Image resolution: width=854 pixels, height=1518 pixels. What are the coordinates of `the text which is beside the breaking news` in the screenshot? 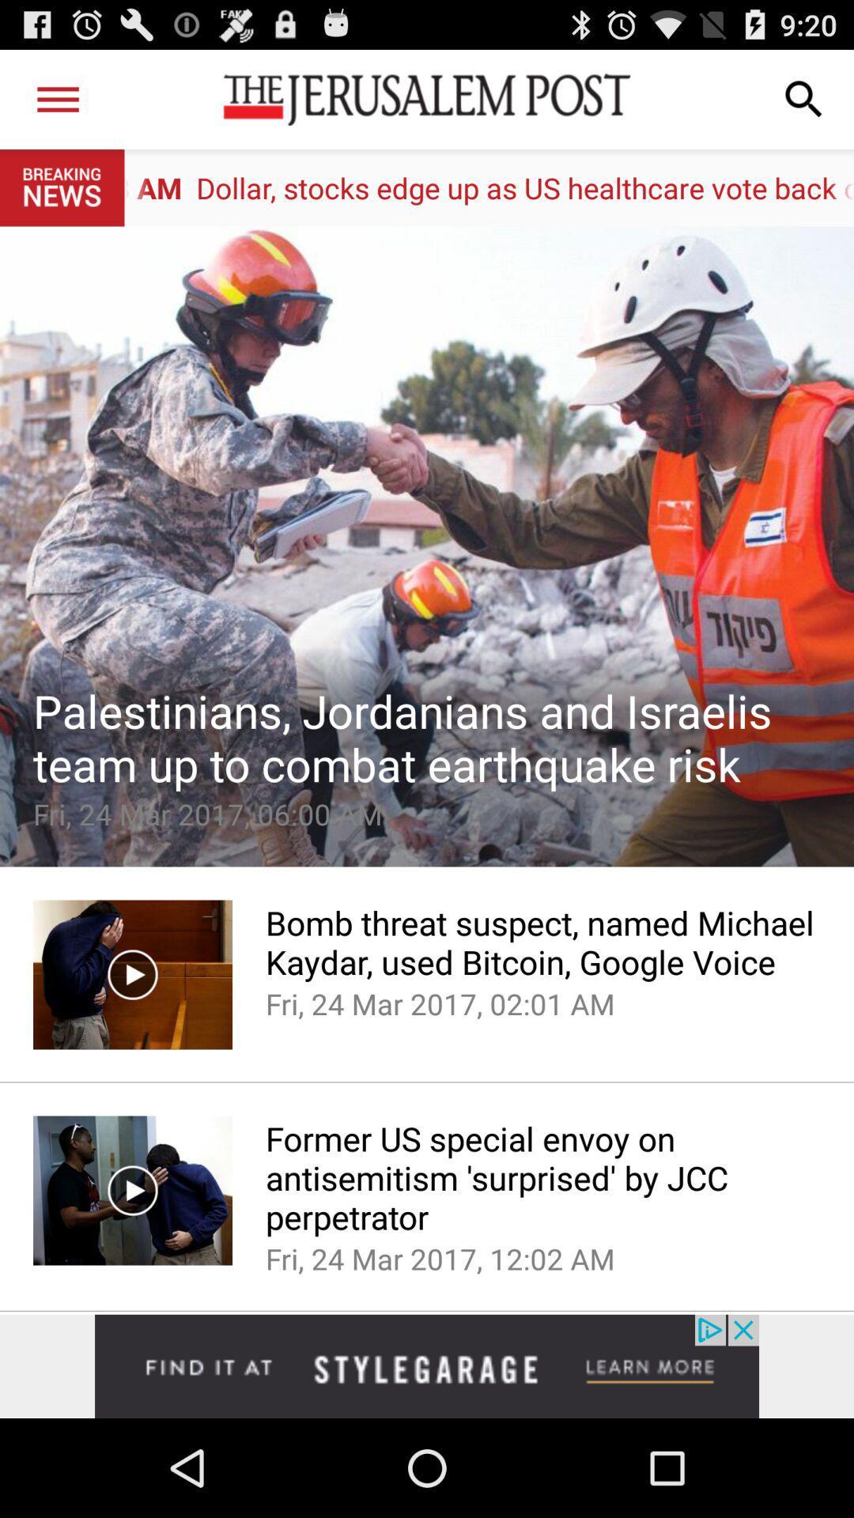 It's located at (488, 188).